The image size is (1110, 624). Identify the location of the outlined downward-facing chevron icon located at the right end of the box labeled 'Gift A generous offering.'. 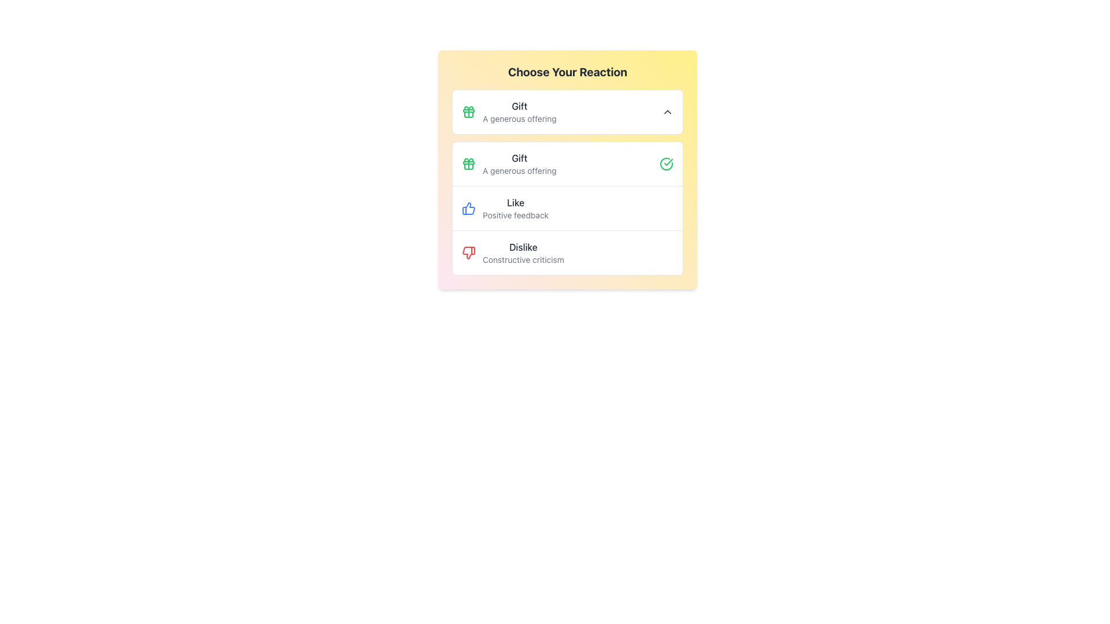
(668, 112).